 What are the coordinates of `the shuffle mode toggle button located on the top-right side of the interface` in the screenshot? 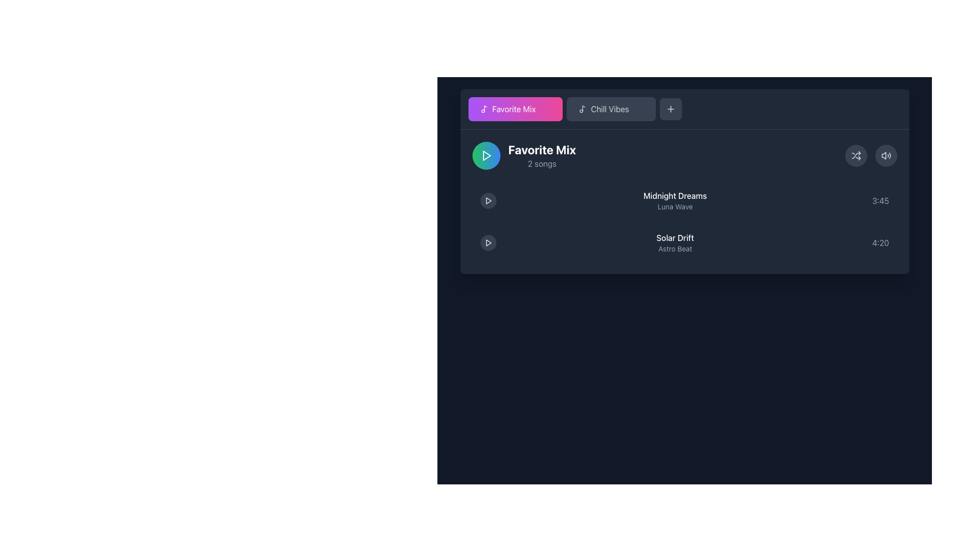 It's located at (855, 156).